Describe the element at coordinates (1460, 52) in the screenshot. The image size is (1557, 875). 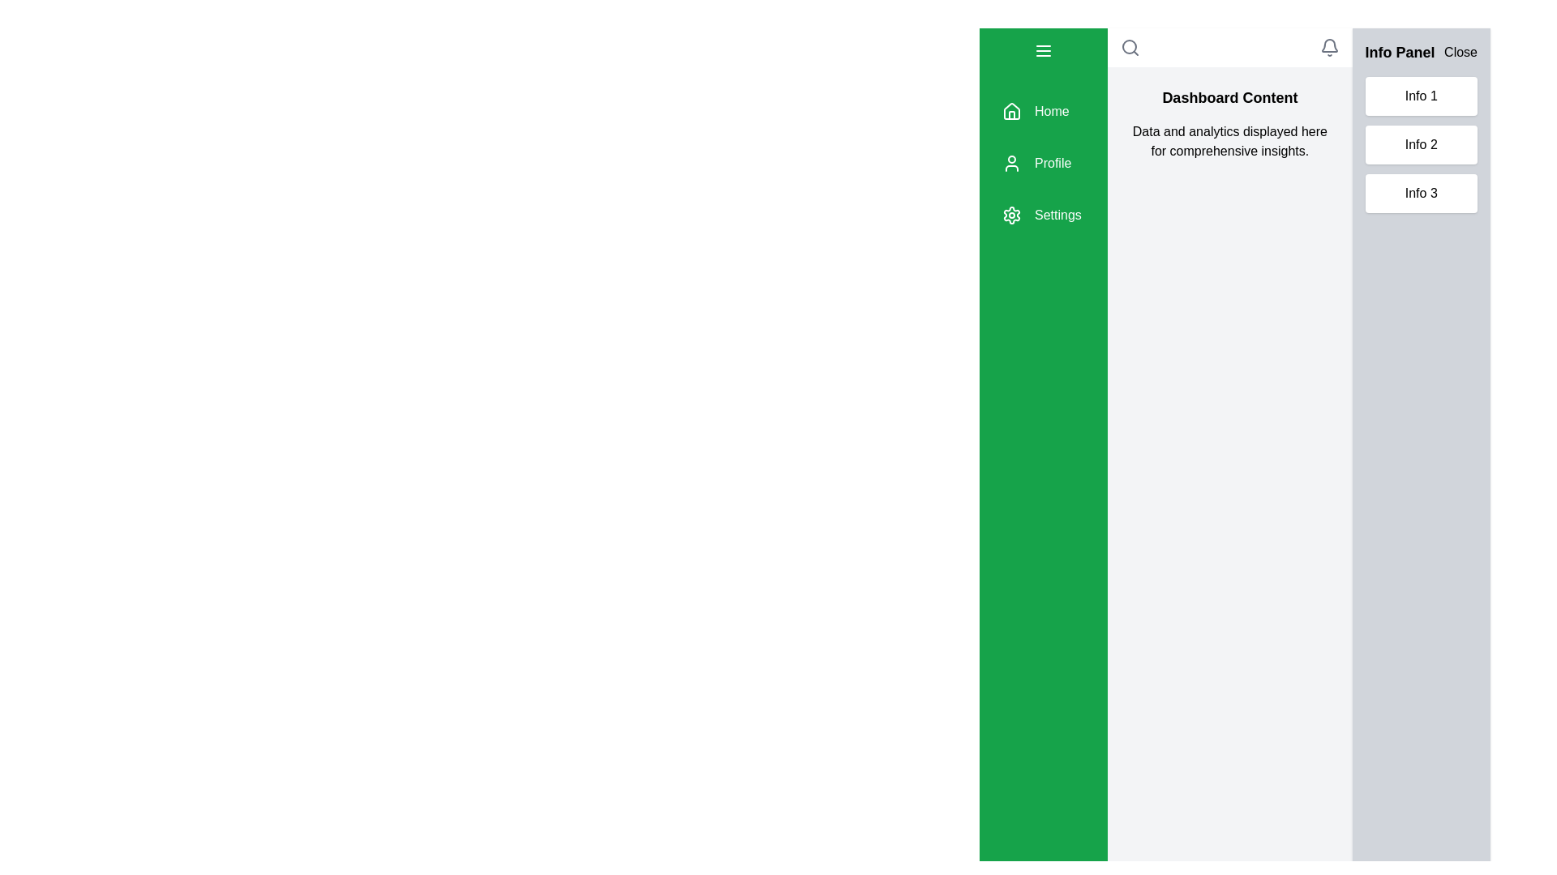
I see `the 'Close' button located in the top-right corner of the 'Info Panel'` at that location.